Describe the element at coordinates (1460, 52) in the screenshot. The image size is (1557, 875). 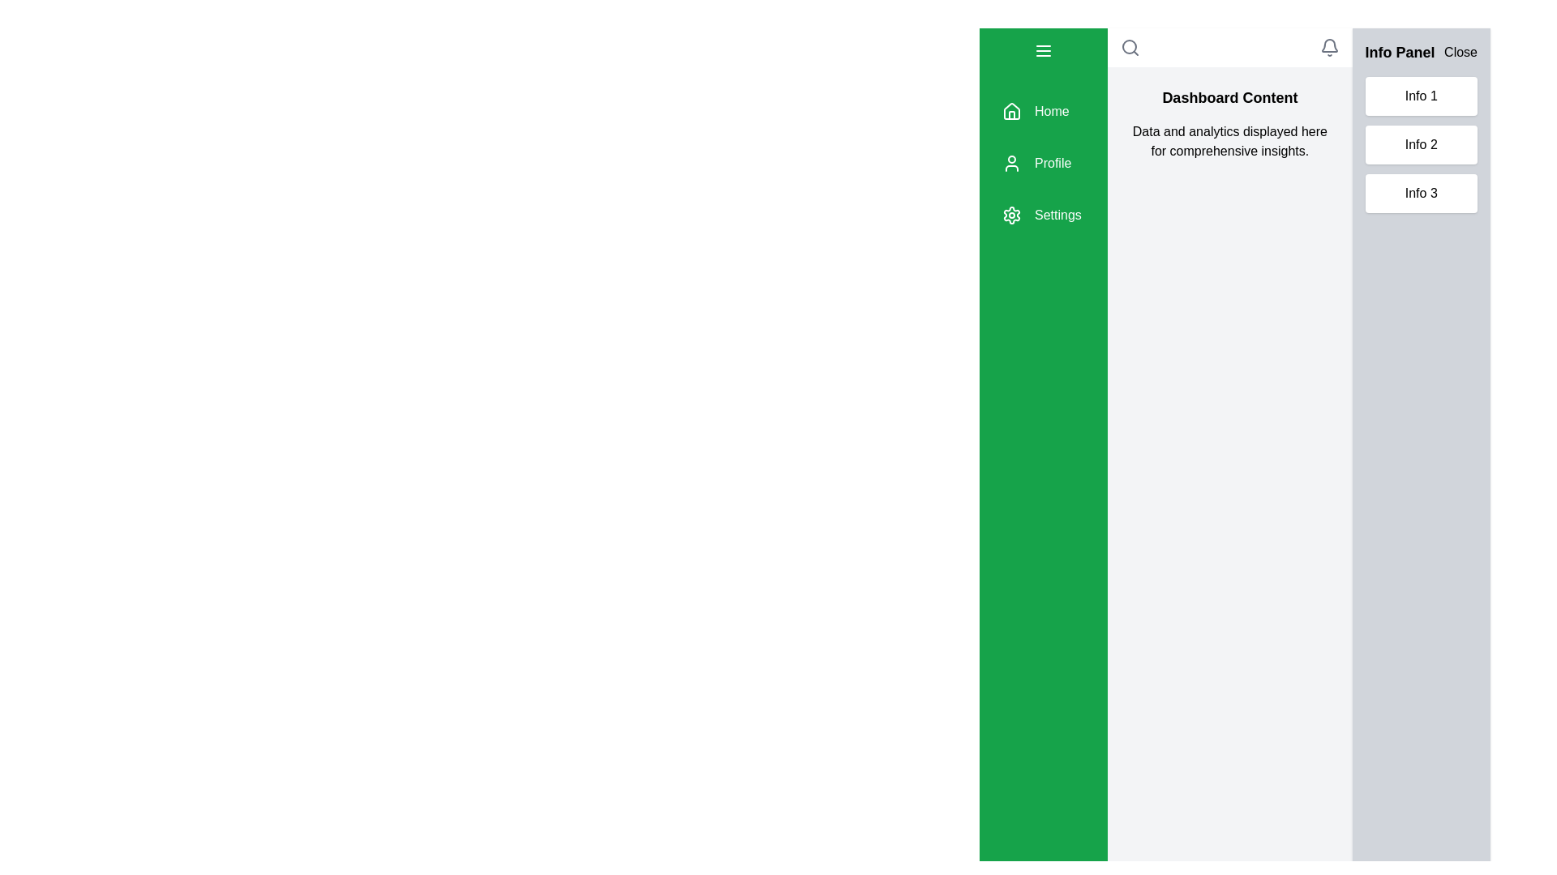
I see `the 'Close' button located in the top-right corner of the 'Info Panel'` at that location.